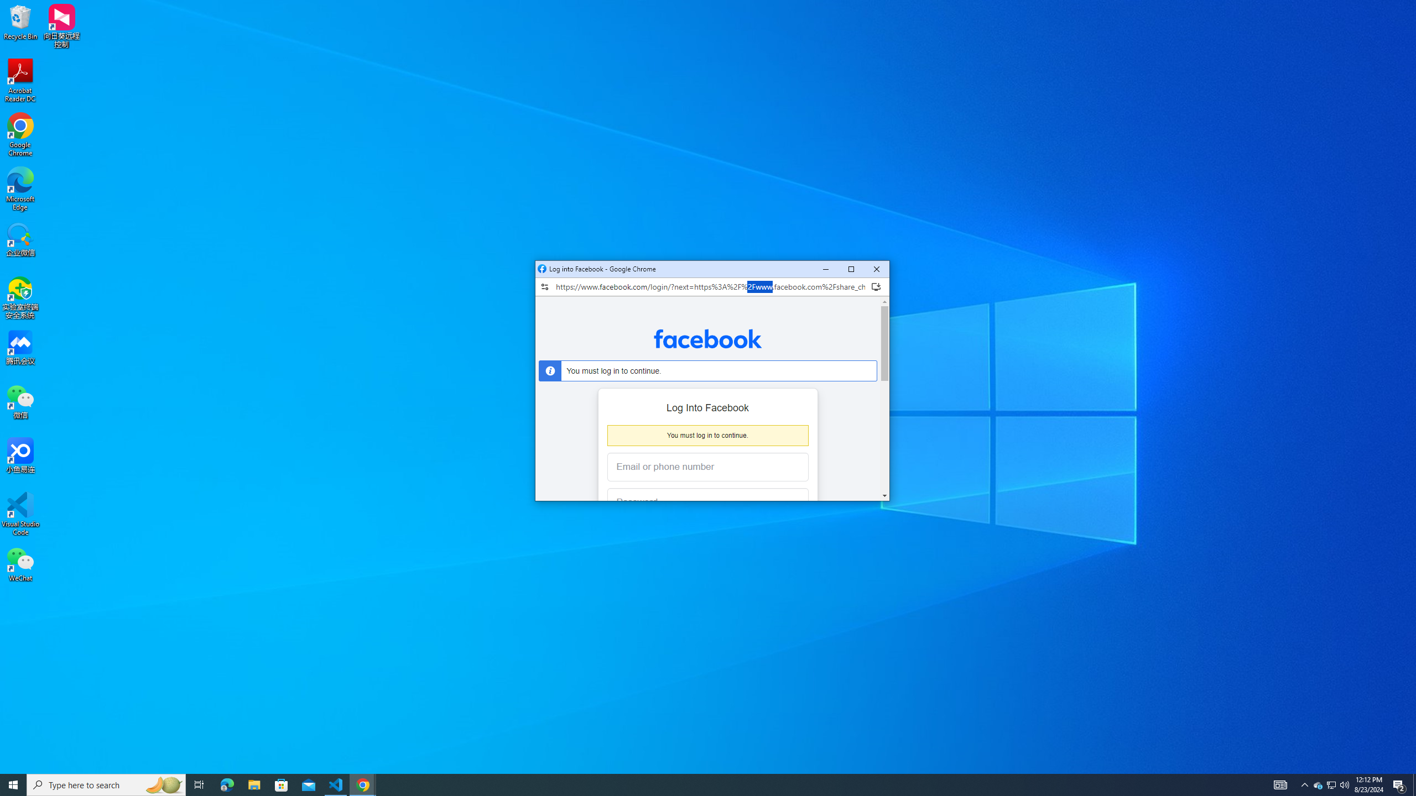 This screenshot has height=796, width=1416. Describe the element at coordinates (1331, 784) in the screenshot. I see `'AutomationID: 4105'` at that location.